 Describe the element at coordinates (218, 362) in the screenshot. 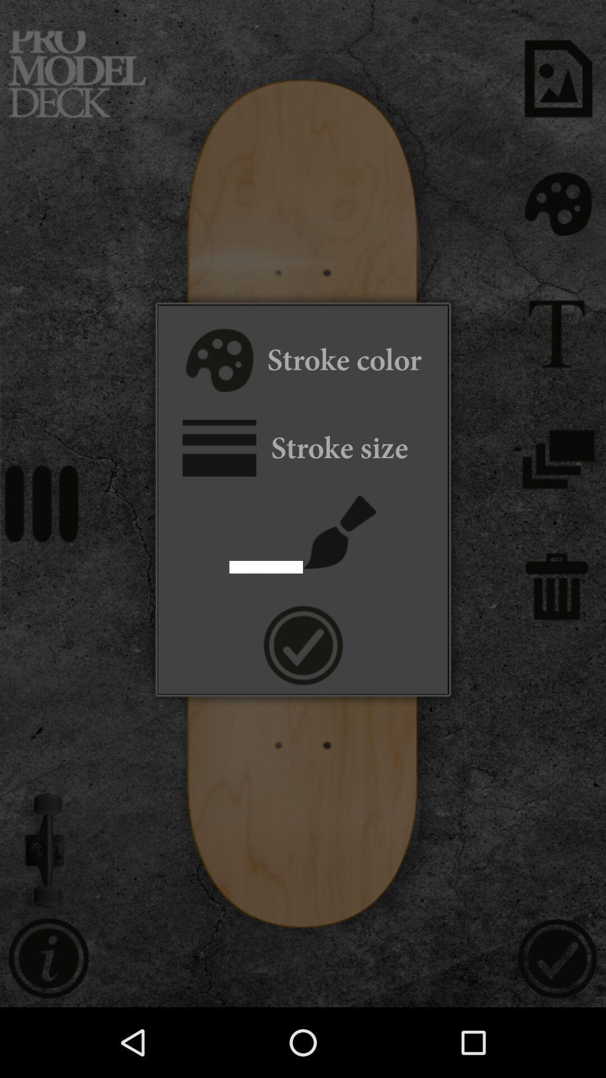

I see `brush color` at that location.